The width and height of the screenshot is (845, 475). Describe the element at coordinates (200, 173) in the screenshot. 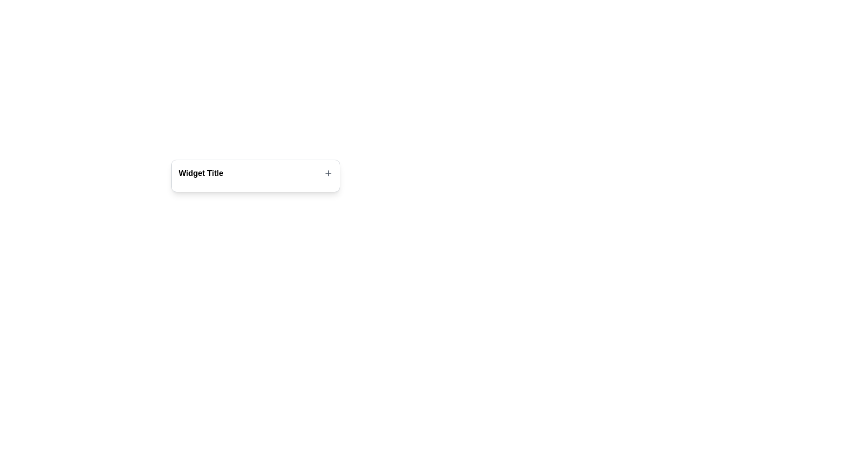

I see `the 'Widget Title' text label for accessibility purposes` at that location.